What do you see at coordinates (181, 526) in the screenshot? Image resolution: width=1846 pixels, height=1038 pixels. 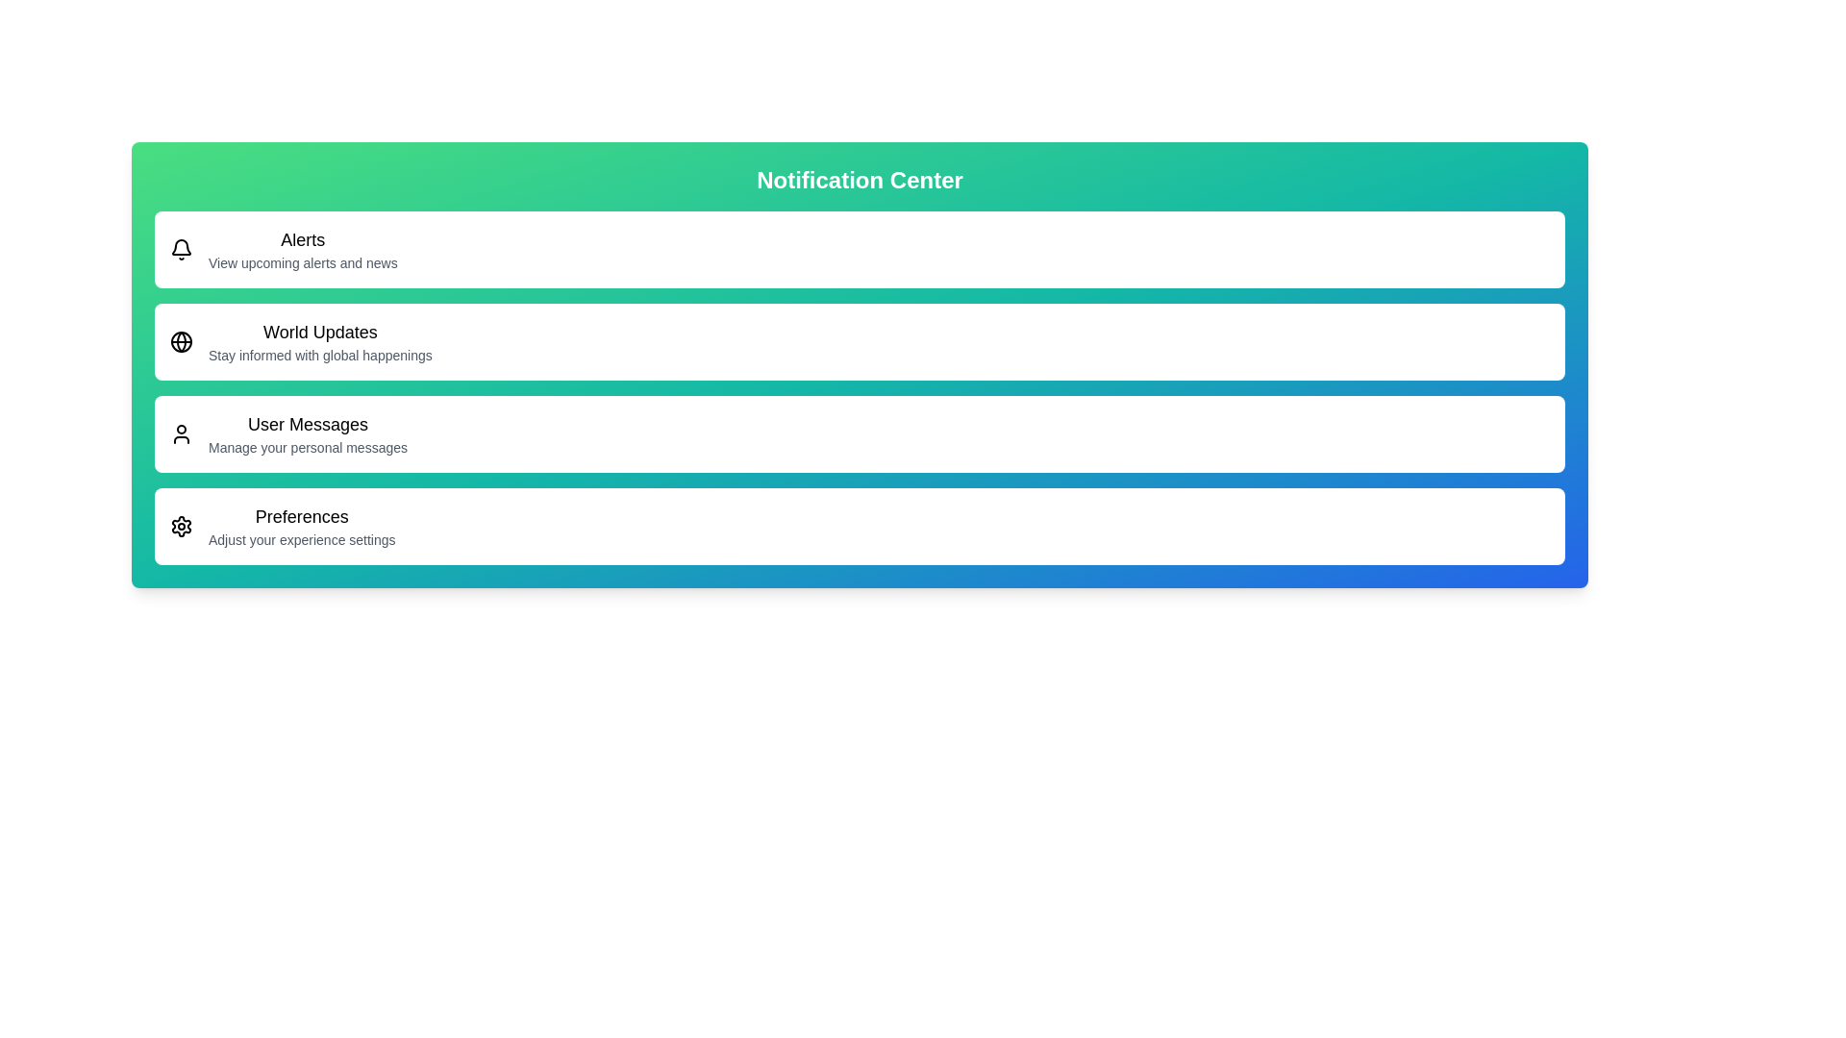 I see `the menu item corresponding to Preferences to examine its iconography` at bounding box center [181, 526].